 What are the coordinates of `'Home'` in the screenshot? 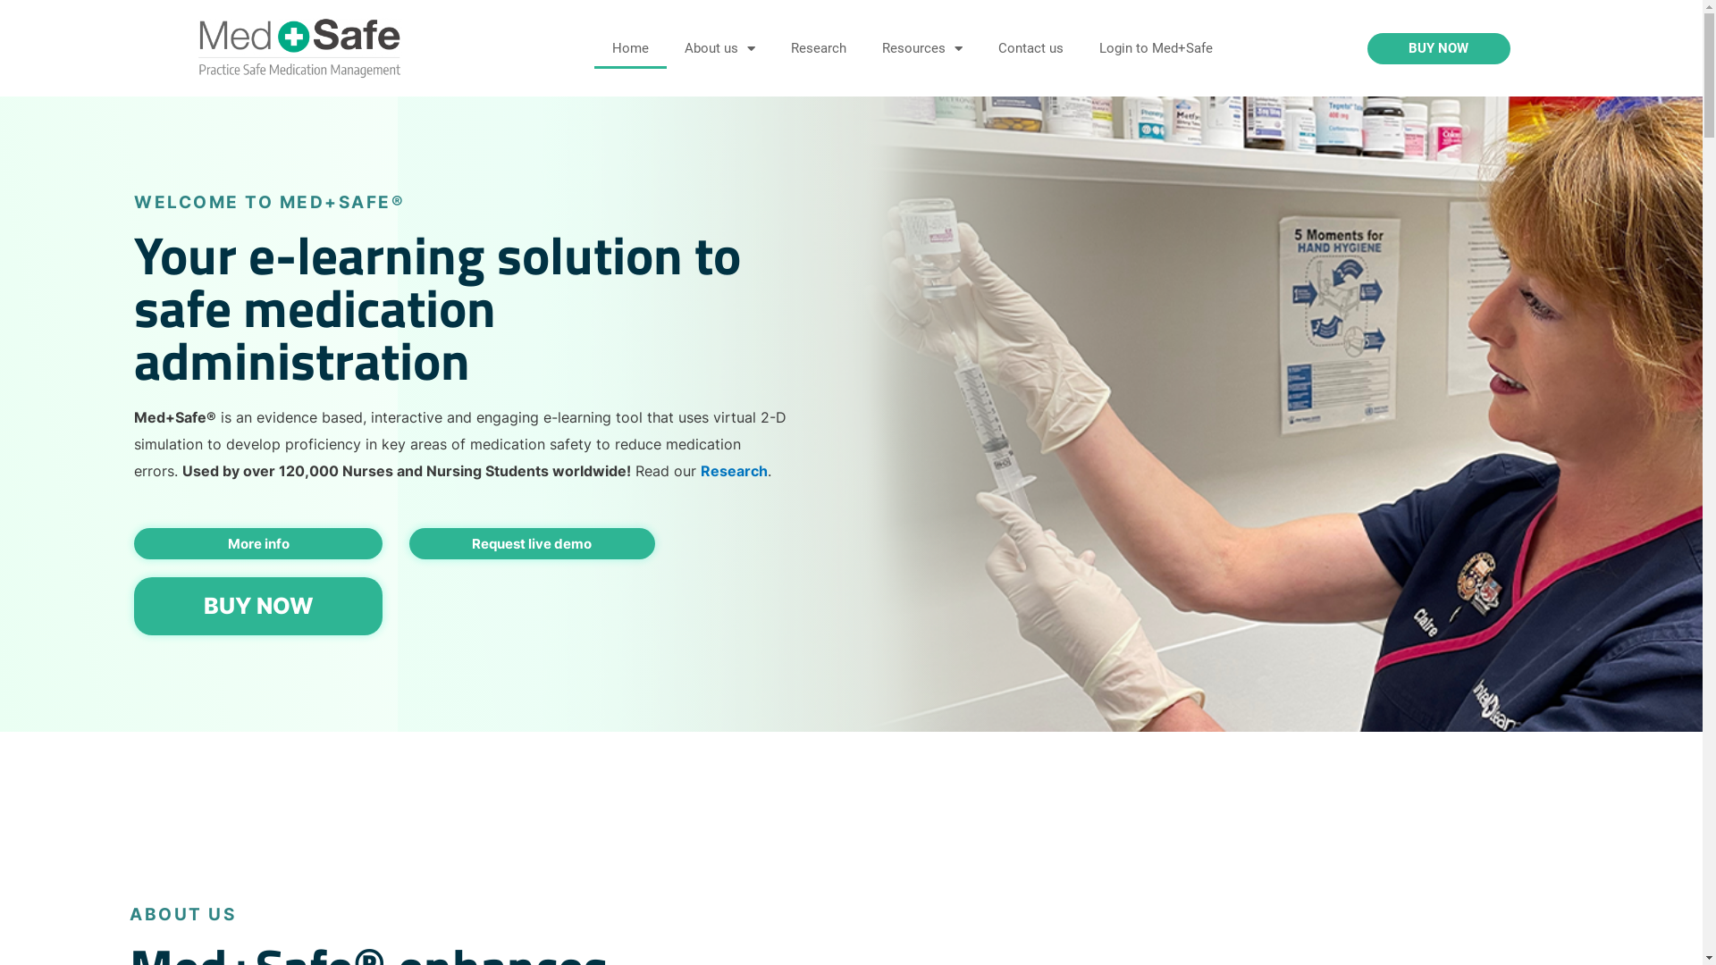 It's located at (630, 47).